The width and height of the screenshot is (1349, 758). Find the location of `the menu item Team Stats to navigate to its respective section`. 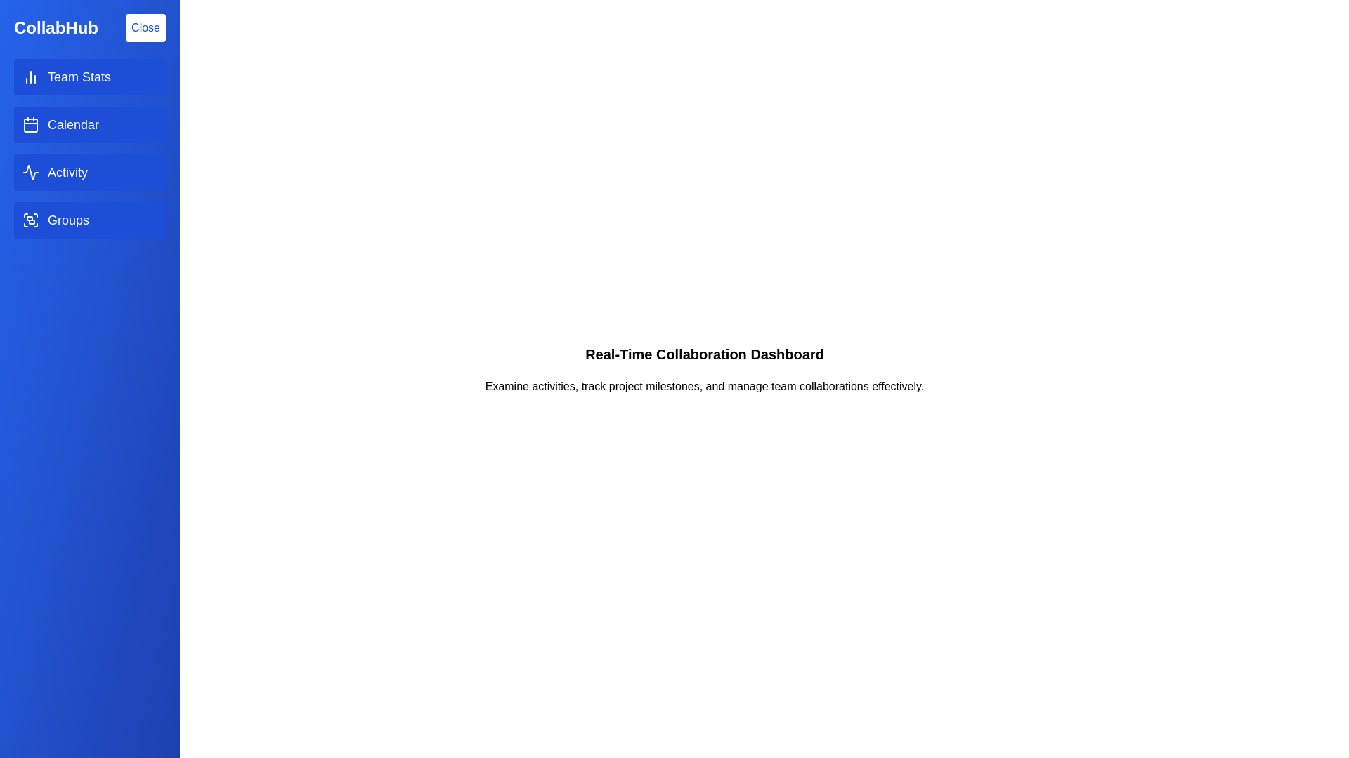

the menu item Team Stats to navigate to its respective section is located at coordinates (89, 77).